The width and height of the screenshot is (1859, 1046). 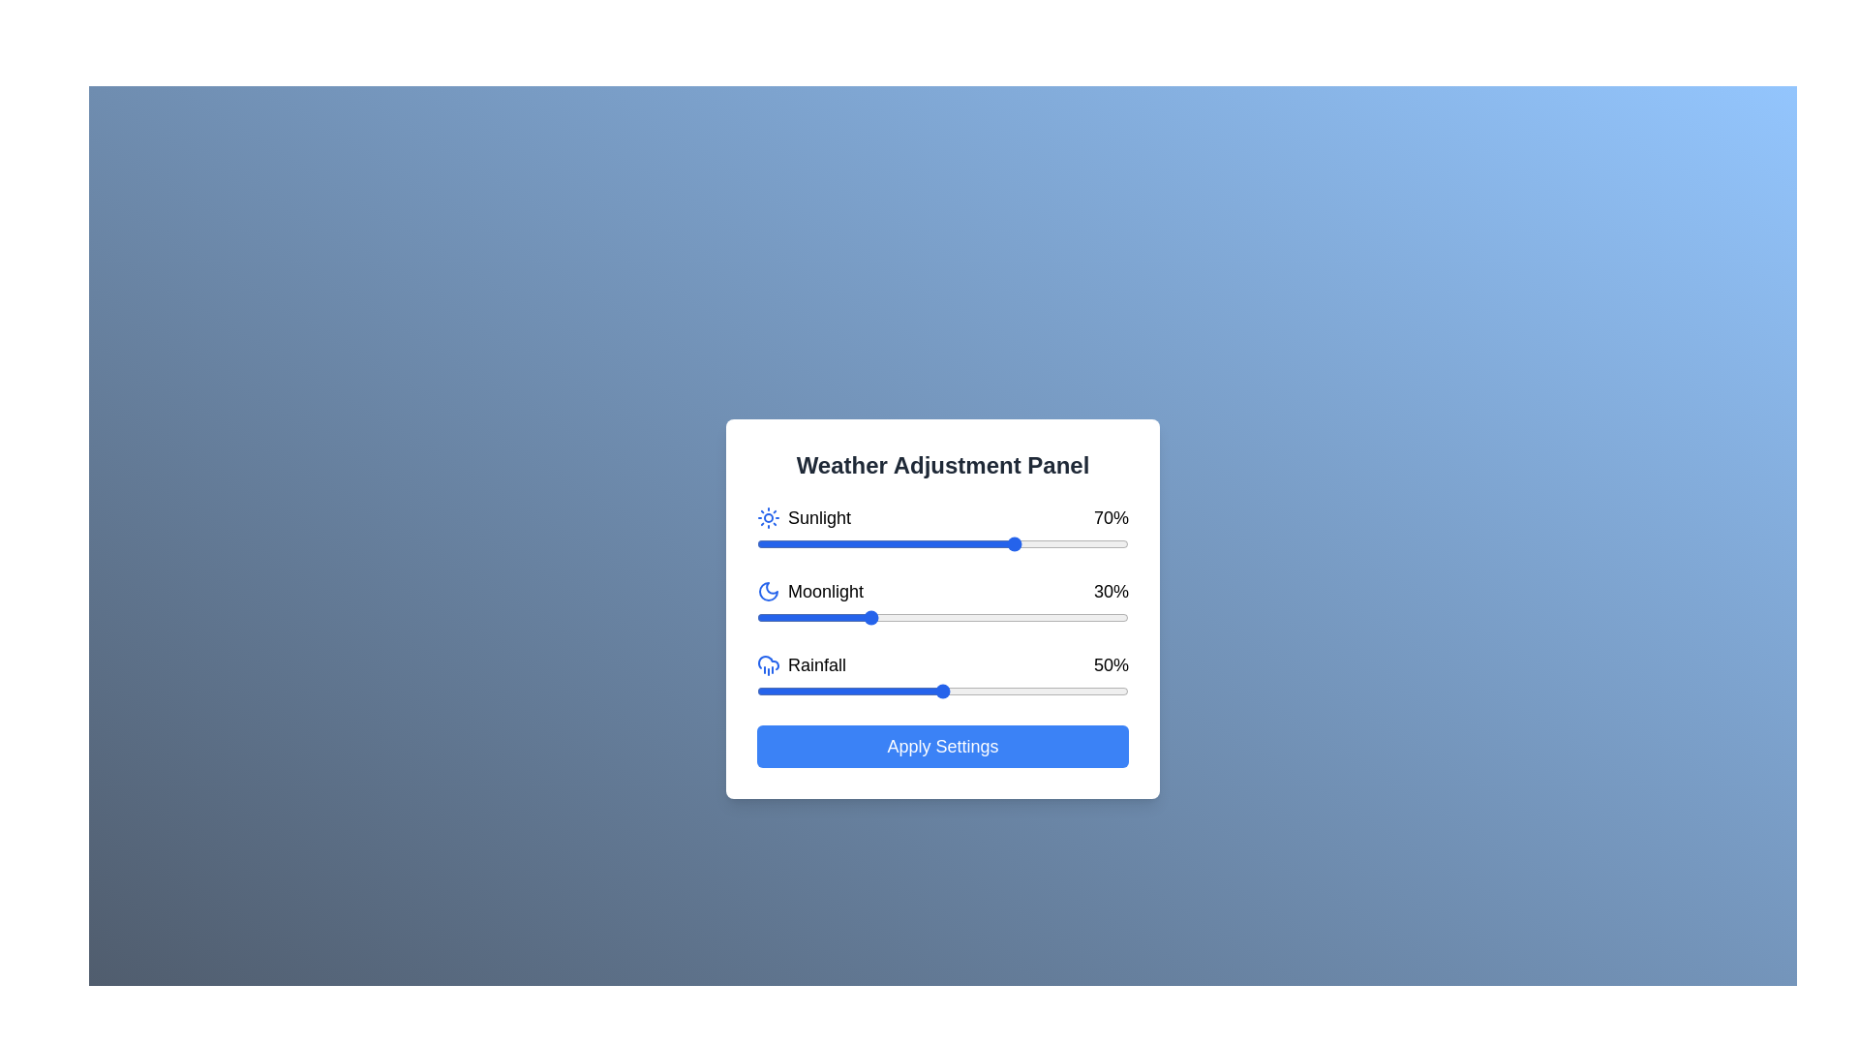 What do you see at coordinates (894, 617) in the screenshot?
I see `the moonlight slider to 37%` at bounding box center [894, 617].